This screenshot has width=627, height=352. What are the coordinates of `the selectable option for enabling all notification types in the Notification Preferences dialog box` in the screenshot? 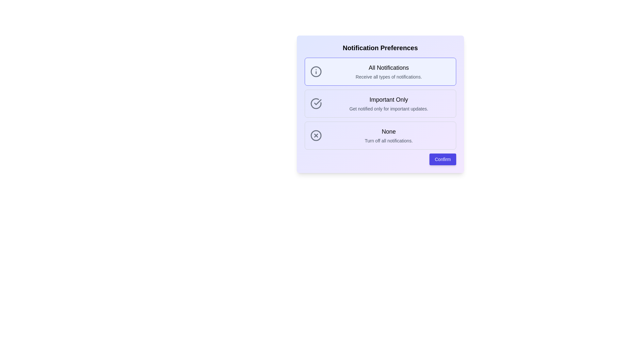 It's located at (380, 71).